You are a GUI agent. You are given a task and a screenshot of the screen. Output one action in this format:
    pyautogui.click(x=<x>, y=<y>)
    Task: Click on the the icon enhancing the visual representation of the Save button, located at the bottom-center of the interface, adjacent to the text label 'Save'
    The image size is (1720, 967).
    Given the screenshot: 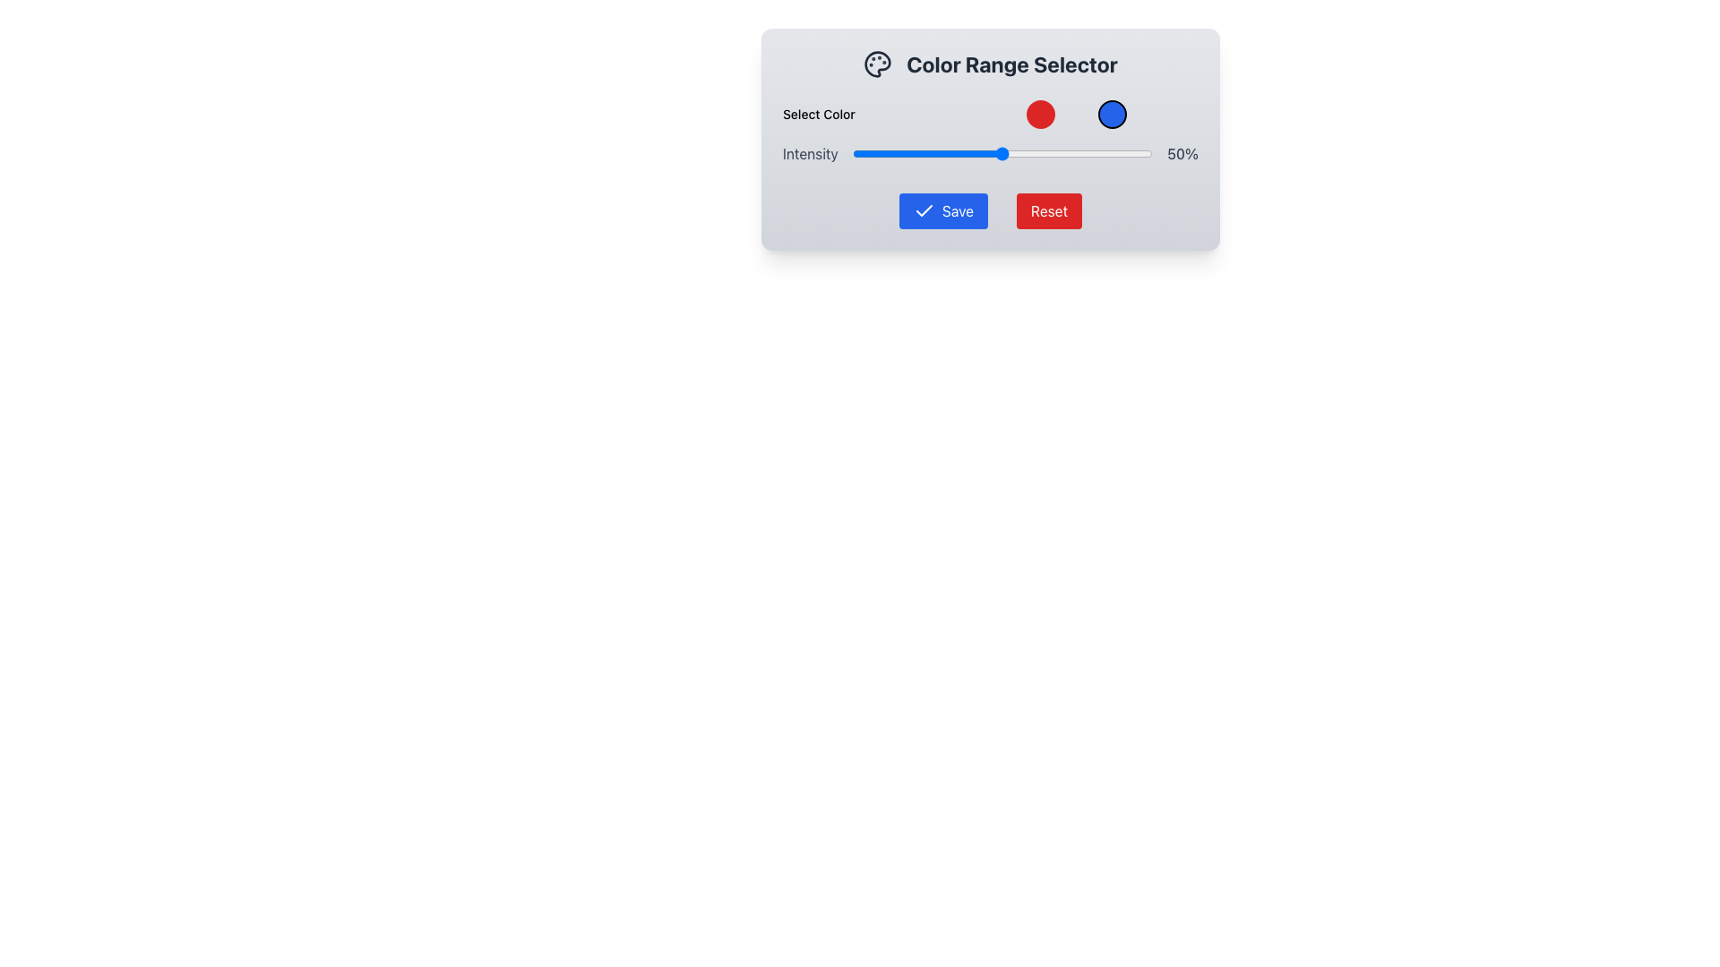 What is the action you would take?
    pyautogui.click(x=924, y=210)
    